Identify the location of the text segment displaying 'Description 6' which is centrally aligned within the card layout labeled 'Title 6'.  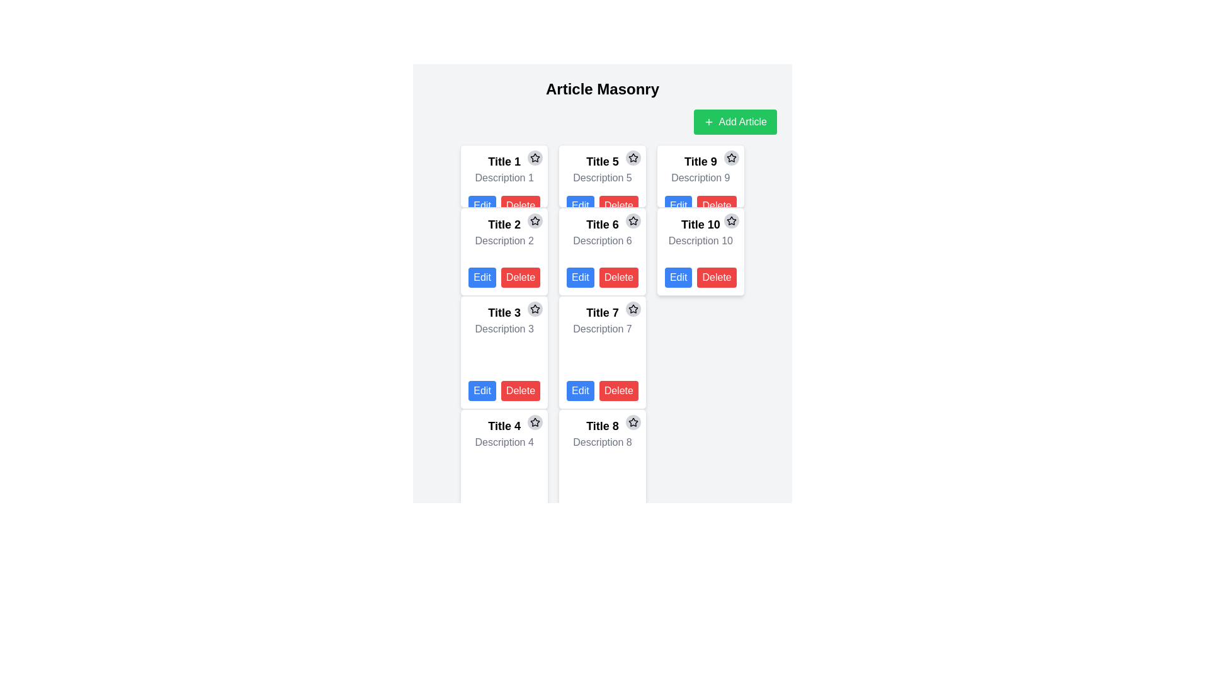
(601, 245).